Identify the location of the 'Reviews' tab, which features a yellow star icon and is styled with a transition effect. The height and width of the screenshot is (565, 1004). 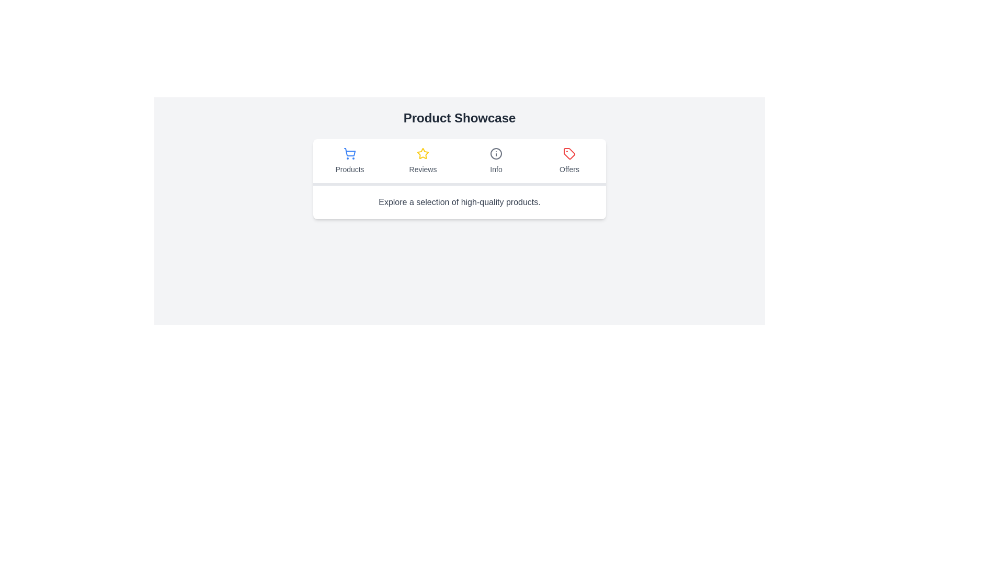
(423, 162).